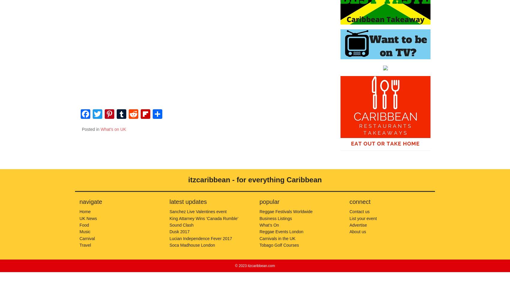 This screenshot has height=282, width=510. I want to click on 'Pinterest', so click(118, 133).